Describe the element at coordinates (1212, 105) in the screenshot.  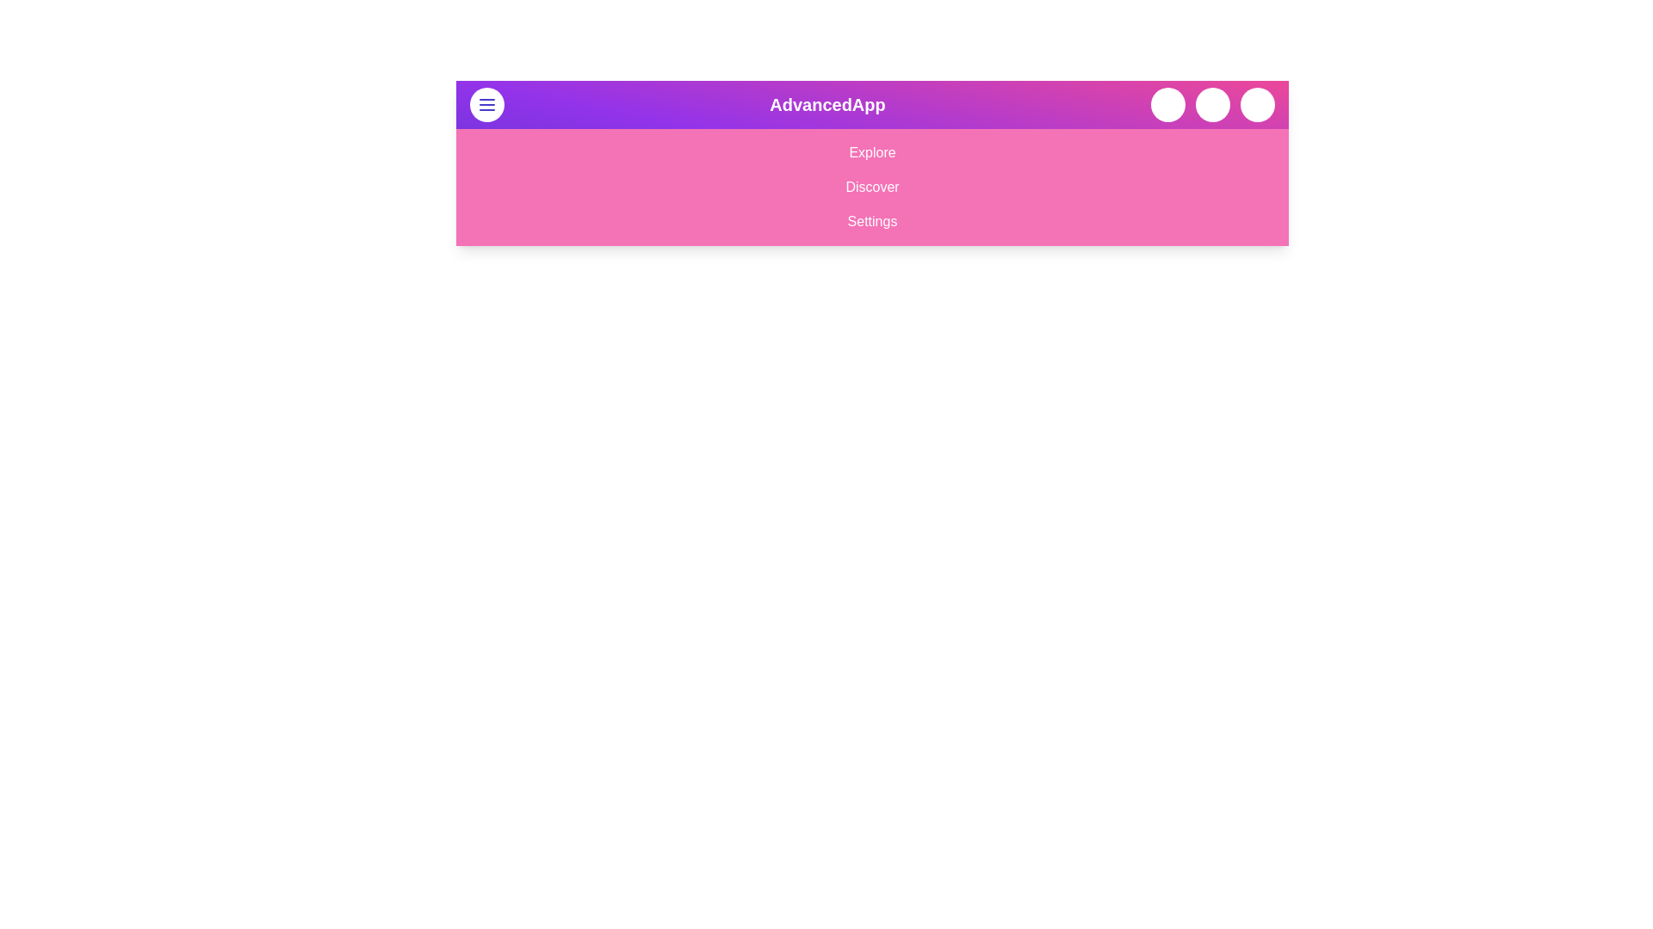
I see `the bell icon to view notifications` at that location.